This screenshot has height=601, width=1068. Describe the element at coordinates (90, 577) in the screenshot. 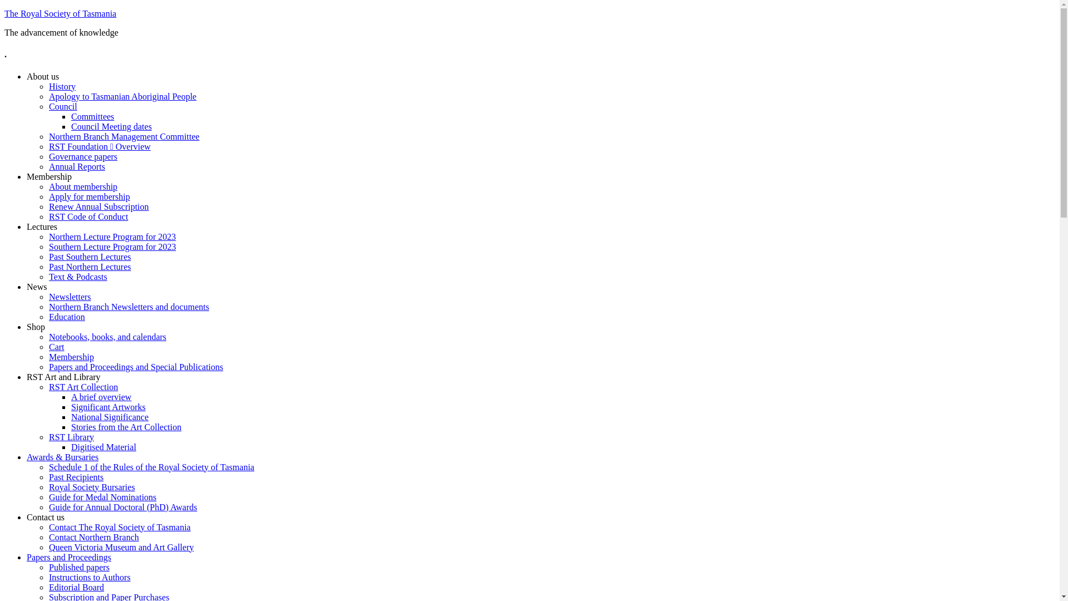

I see `'Instructions to Authors'` at that location.